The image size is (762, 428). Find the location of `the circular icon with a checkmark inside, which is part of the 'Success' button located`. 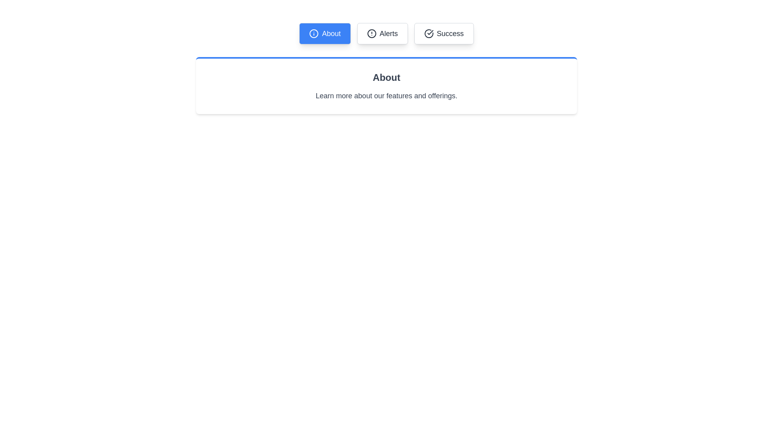

the circular icon with a checkmark inside, which is part of the 'Success' button located is located at coordinates (428, 33).